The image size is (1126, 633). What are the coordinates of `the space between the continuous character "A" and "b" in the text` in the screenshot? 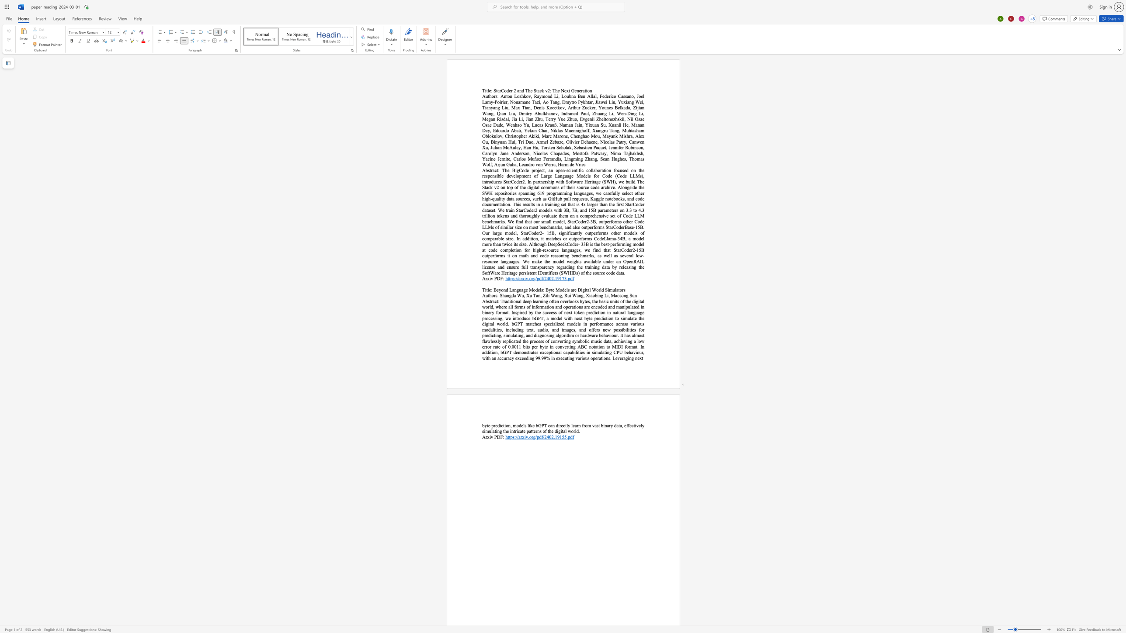 It's located at (485, 301).